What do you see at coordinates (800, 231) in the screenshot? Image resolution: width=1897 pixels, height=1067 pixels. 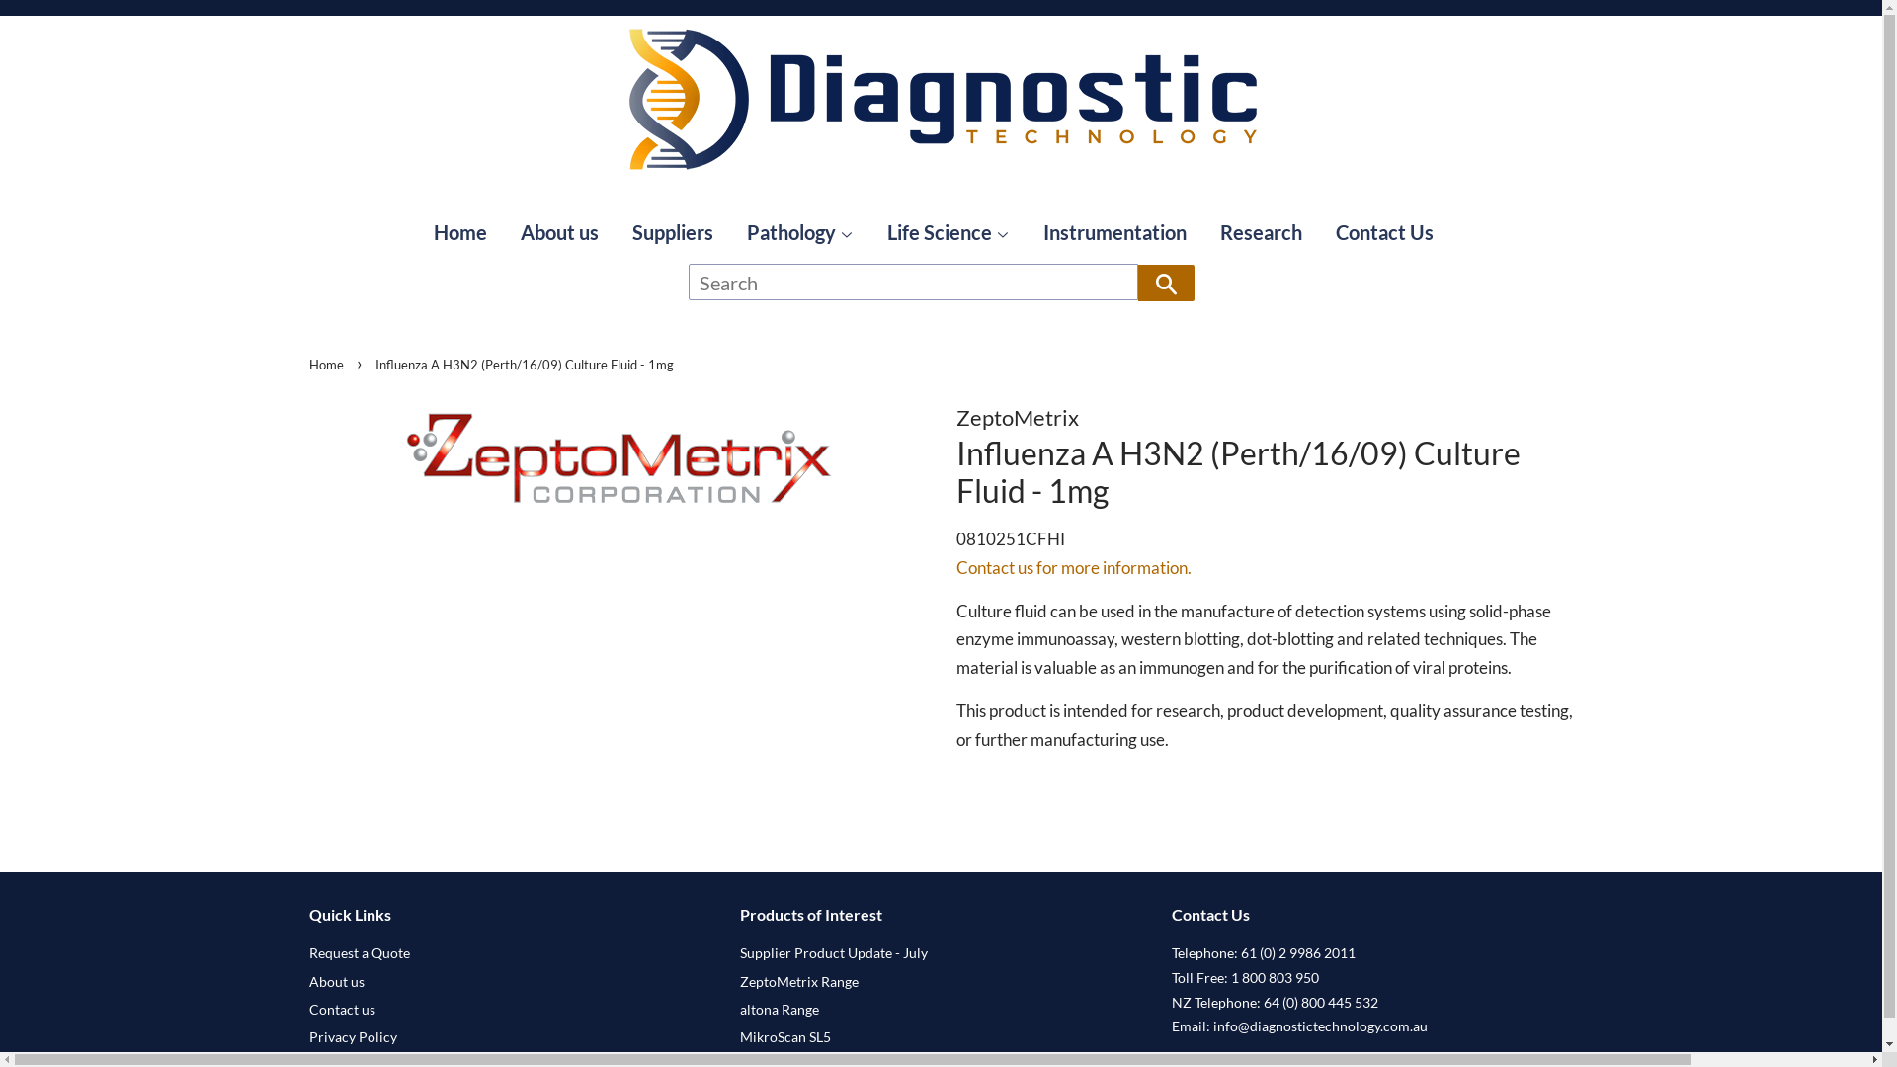 I see `'Pathology'` at bounding box center [800, 231].